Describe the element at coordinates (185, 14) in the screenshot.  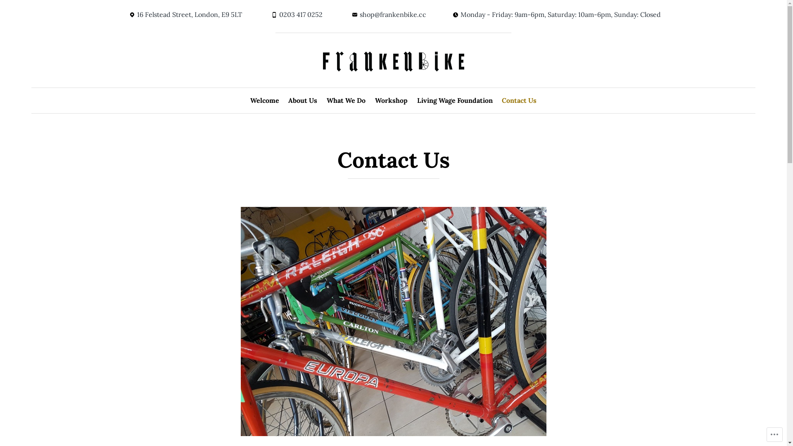
I see `'16 Felstead Street, London, E9 5LT'` at that location.